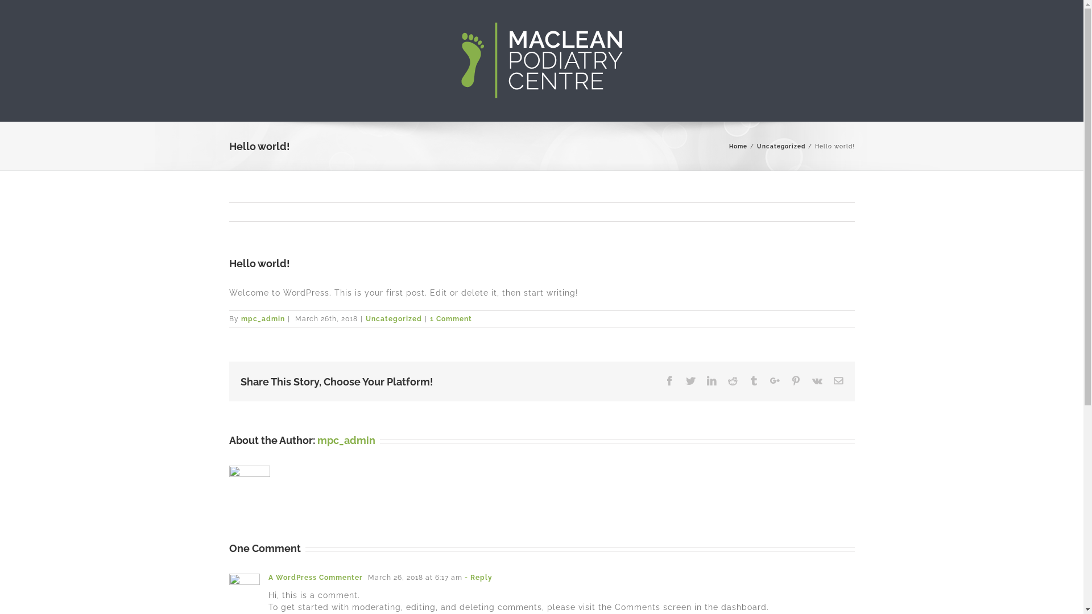  What do you see at coordinates (316, 577) in the screenshot?
I see `'A WordPress Commenter'` at bounding box center [316, 577].